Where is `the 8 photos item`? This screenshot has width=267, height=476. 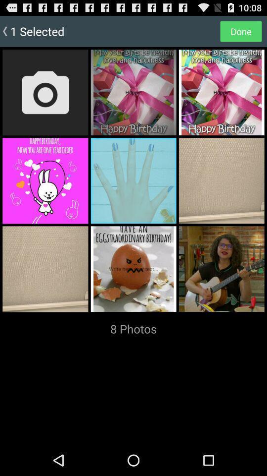
the 8 photos item is located at coordinates (133, 329).